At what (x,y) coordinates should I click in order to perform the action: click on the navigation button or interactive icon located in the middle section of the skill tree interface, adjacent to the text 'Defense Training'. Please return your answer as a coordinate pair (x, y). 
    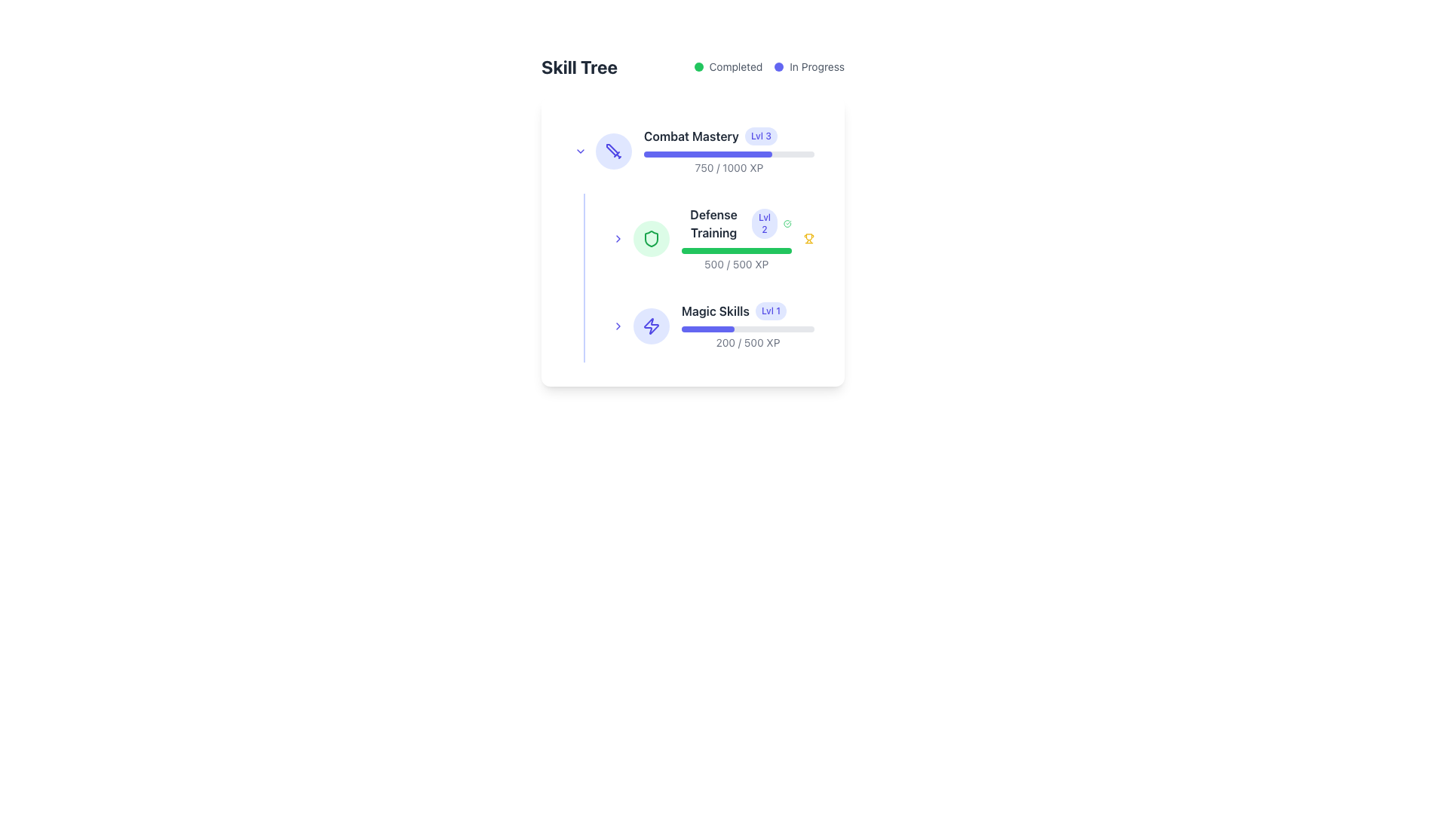
    Looking at the image, I should click on (618, 237).